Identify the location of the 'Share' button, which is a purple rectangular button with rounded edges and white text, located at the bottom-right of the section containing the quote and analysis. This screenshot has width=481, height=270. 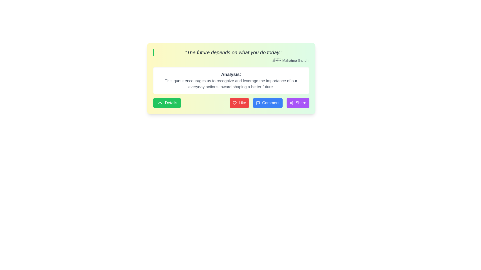
(298, 103).